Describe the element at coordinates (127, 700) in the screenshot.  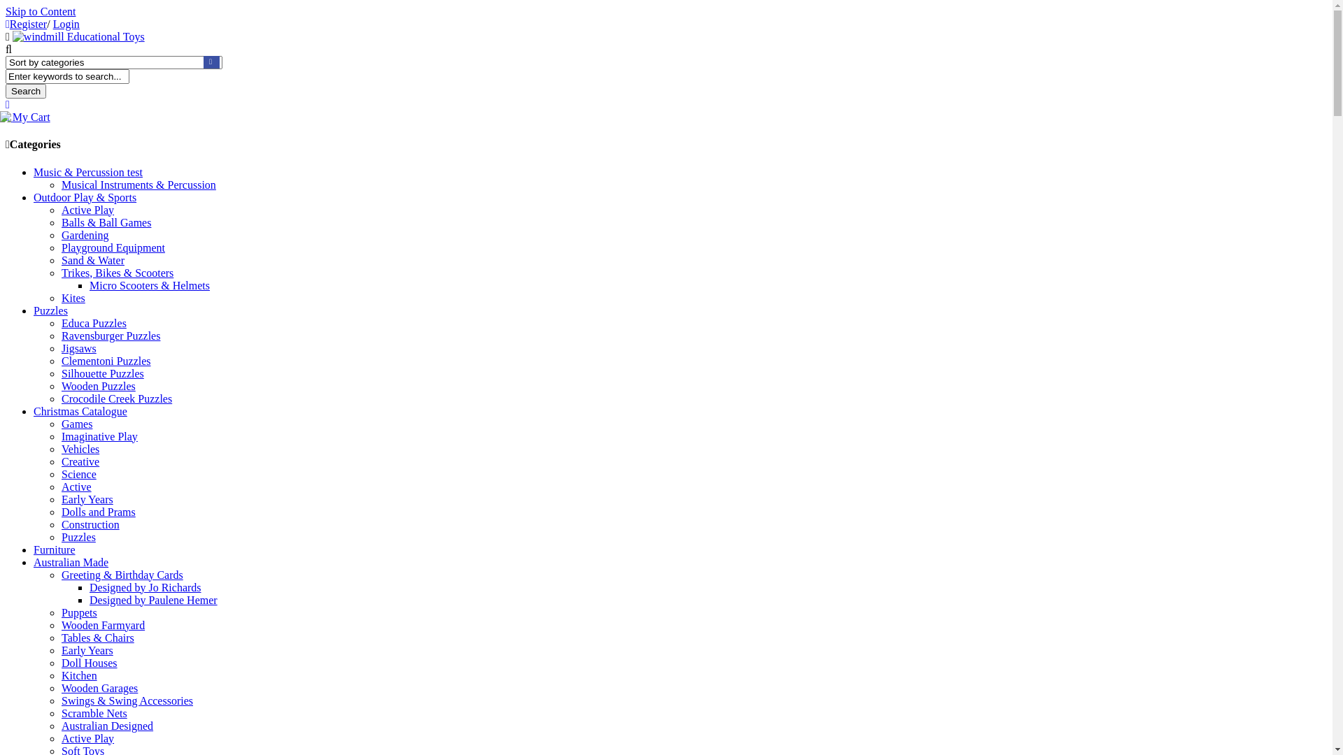
I see `'Swings & Swing Accessories'` at that location.